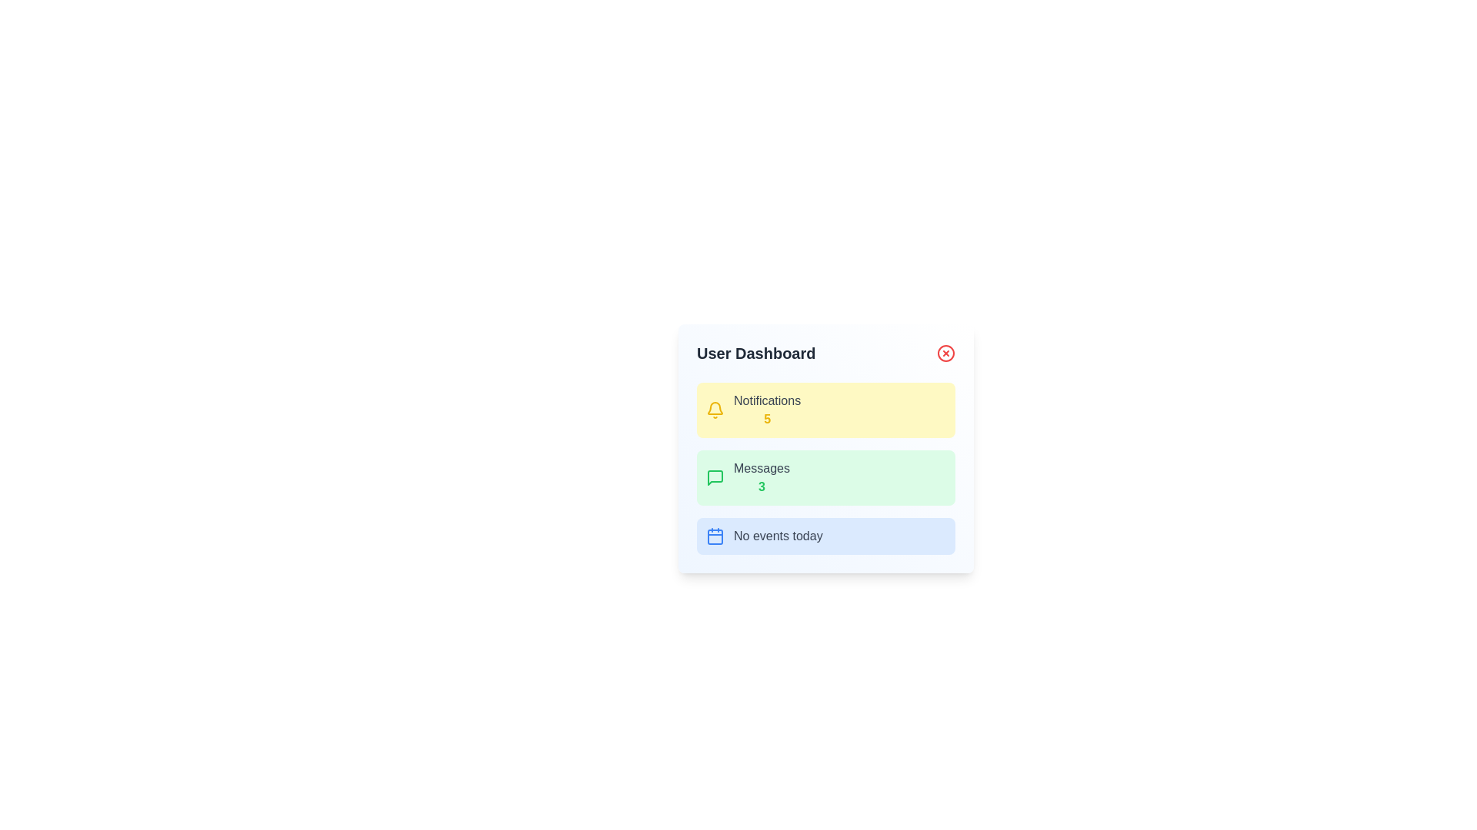  Describe the element at coordinates (762, 476) in the screenshot. I see `the informational text element displaying 'Messages' with a numeric count of '3' in the User Dashboard's second card` at that location.